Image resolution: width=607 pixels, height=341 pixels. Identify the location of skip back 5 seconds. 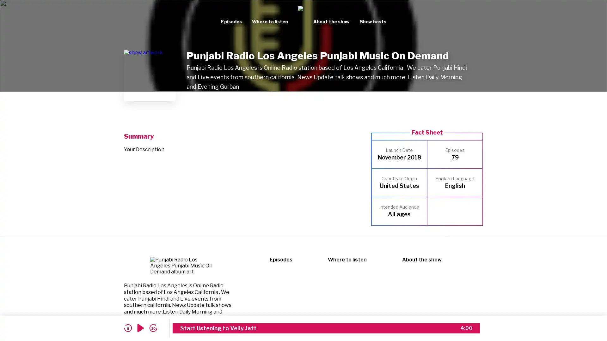
(127, 328).